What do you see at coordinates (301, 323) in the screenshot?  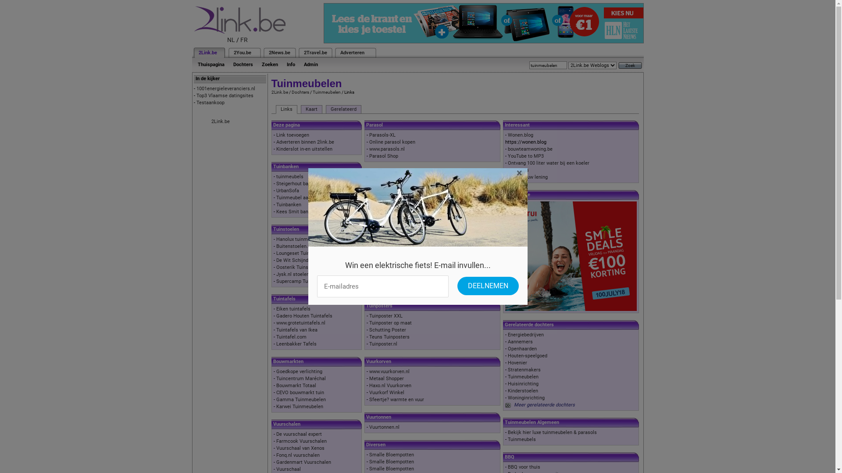 I see `'www.grotetuintafels.nl'` at bounding box center [301, 323].